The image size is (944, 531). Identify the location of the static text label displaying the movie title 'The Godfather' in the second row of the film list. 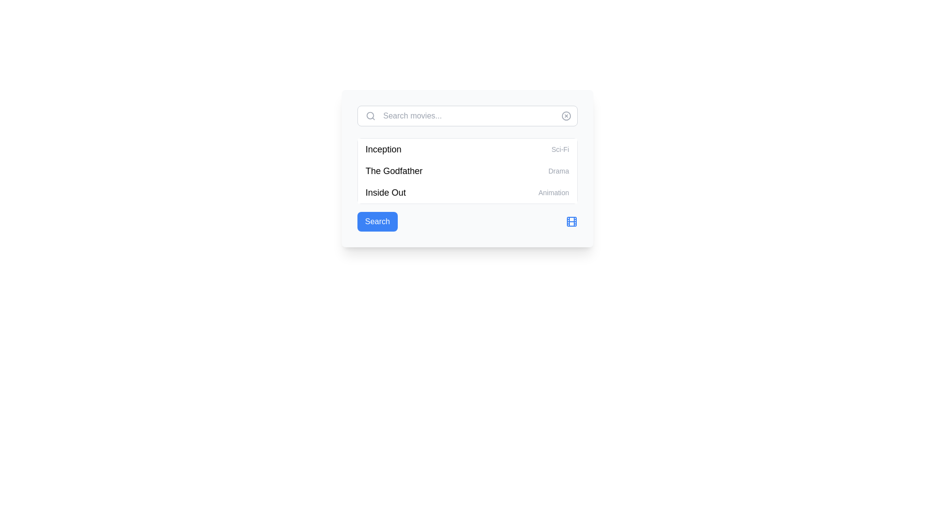
(394, 170).